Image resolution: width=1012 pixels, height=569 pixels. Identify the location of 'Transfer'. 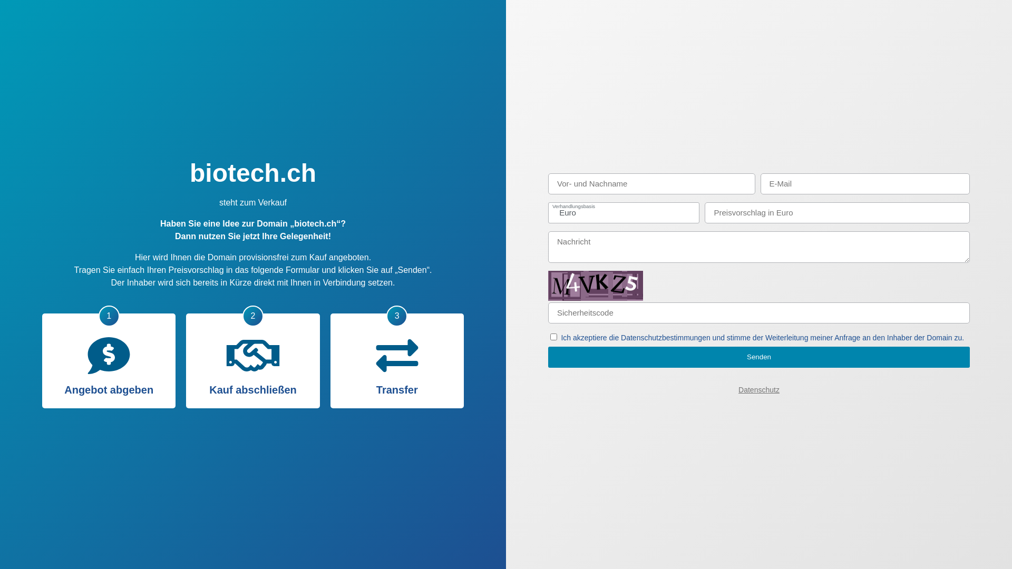
(396, 356).